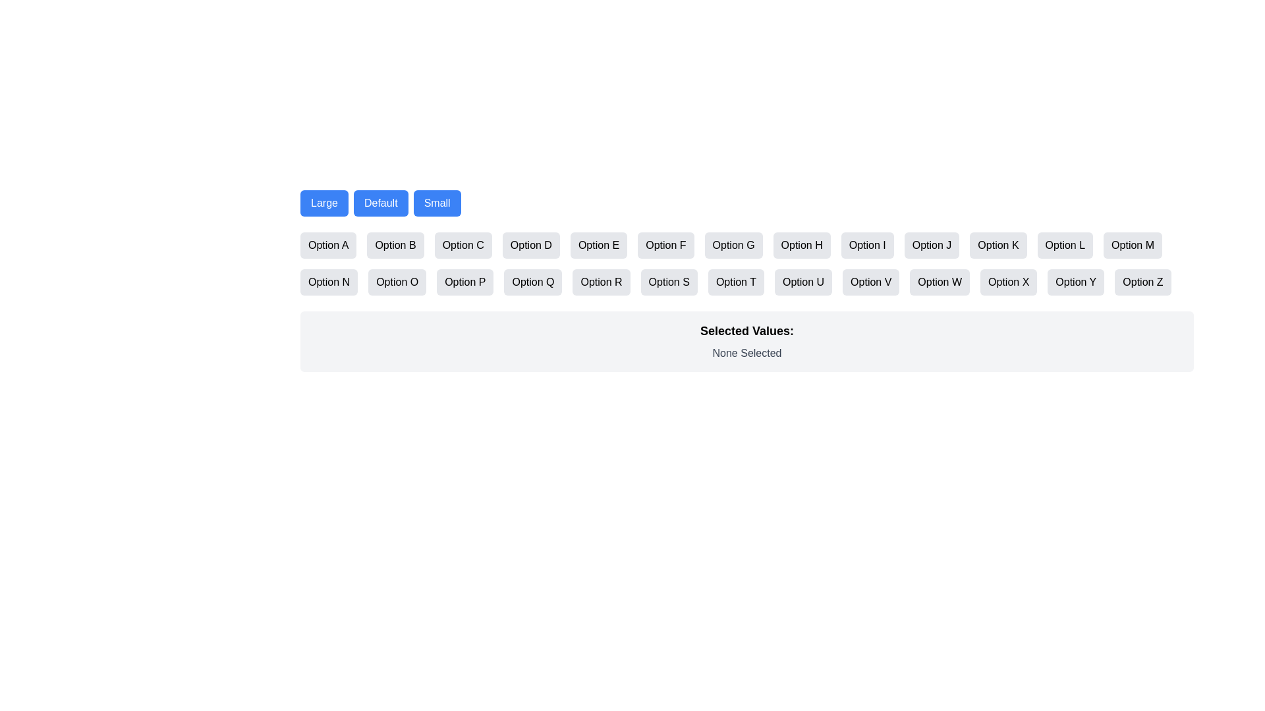  I want to click on the 'Option C' button, which is a rectangular component with rounded corners and a light gray background, for interaction, so click(463, 246).